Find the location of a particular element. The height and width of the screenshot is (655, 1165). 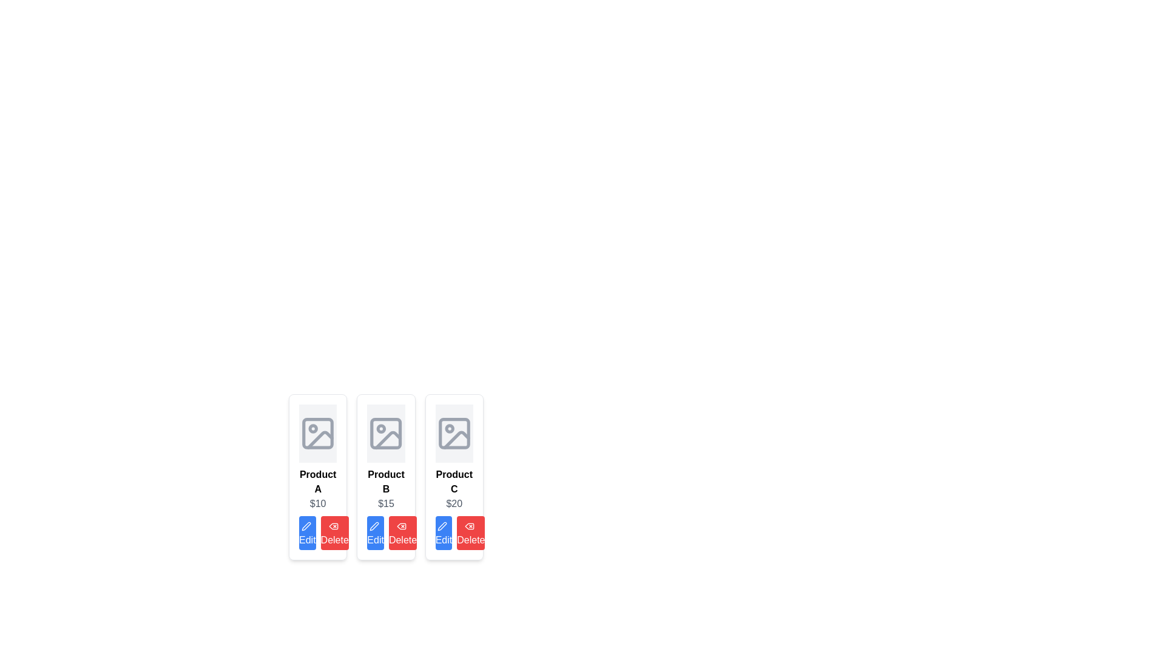

the SVG graphic representing the image placeholder in the third card from the left, titled 'Product C' is located at coordinates (453, 432).